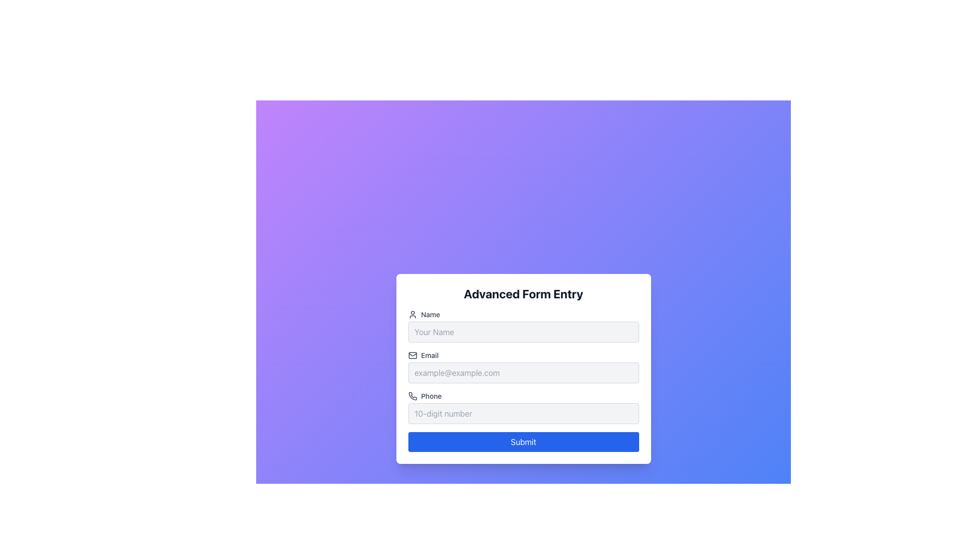 Image resolution: width=955 pixels, height=537 pixels. Describe the element at coordinates (412, 396) in the screenshot. I see `the relation of the telephone handset icon with the 'Phone' label` at that location.